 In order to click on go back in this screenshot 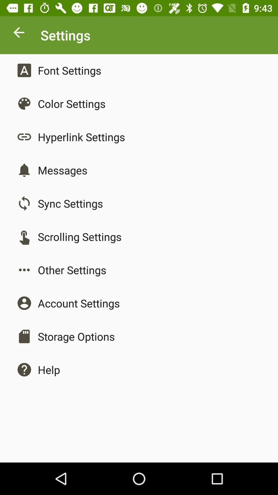, I will do `click(19, 34)`.